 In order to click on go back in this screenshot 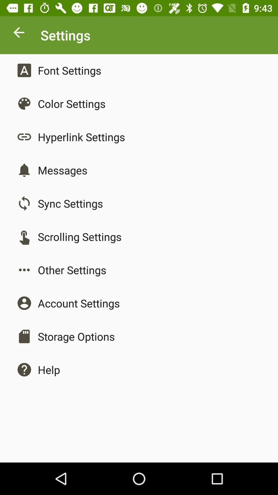, I will do `click(19, 34)`.